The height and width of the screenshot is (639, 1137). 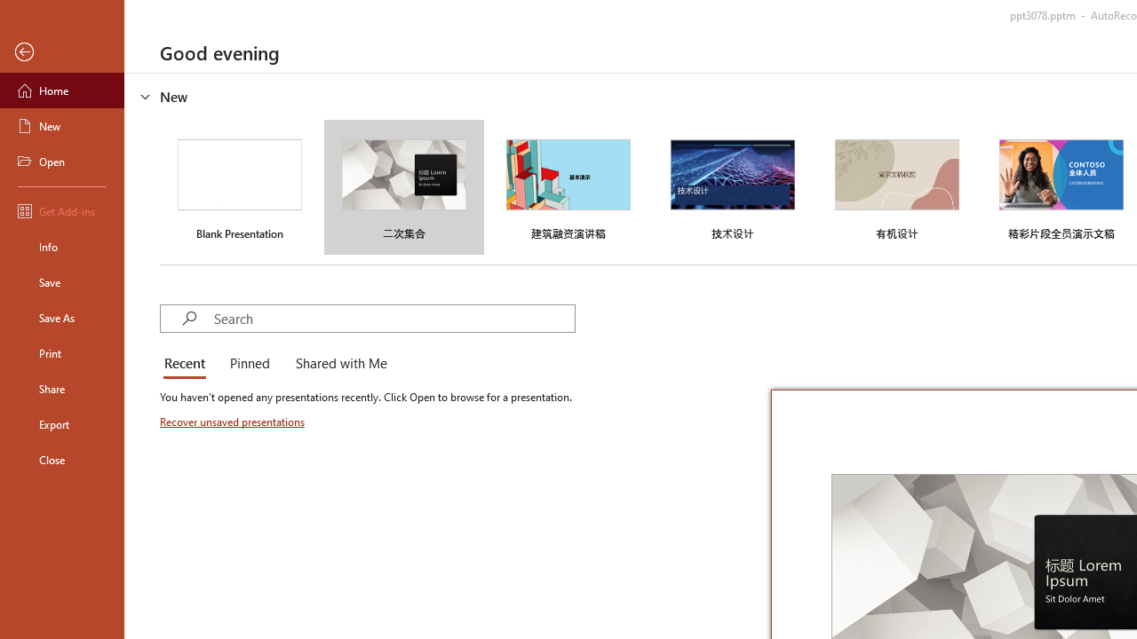 I want to click on 'Pinned', so click(x=248, y=364).